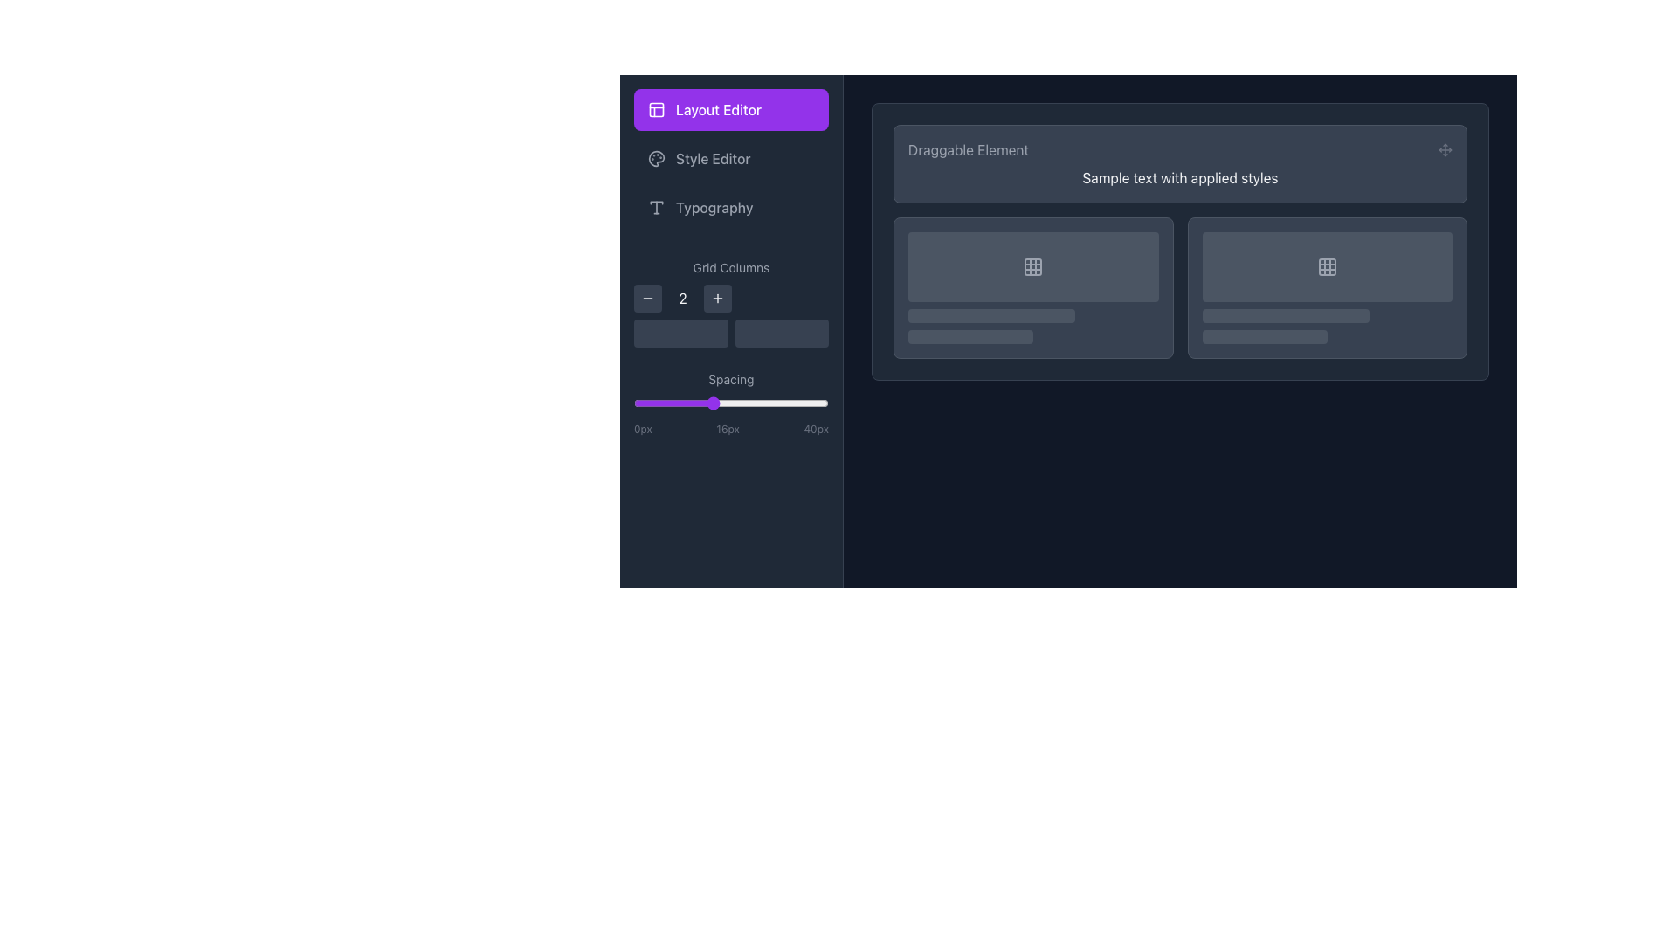 The image size is (1677, 943). What do you see at coordinates (1033, 266) in the screenshot?
I see `the grid layout icon located in the central area of the right panel, which represents grid functionality` at bounding box center [1033, 266].